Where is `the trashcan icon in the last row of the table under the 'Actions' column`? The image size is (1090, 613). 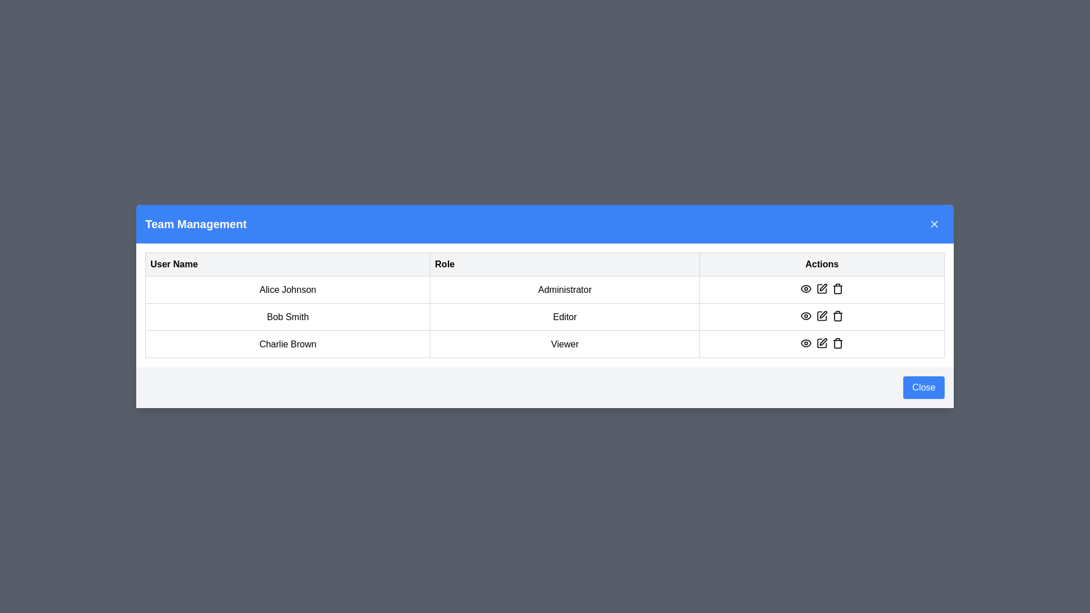 the trashcan icon in the last row of the table under the 'Actions' column is located at coordinates (838, 343).